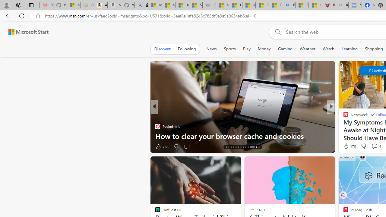  What do you see at coordinates (229, 49) in the screenshot?
I see `'Sports'` at bounding box center [229, 49].